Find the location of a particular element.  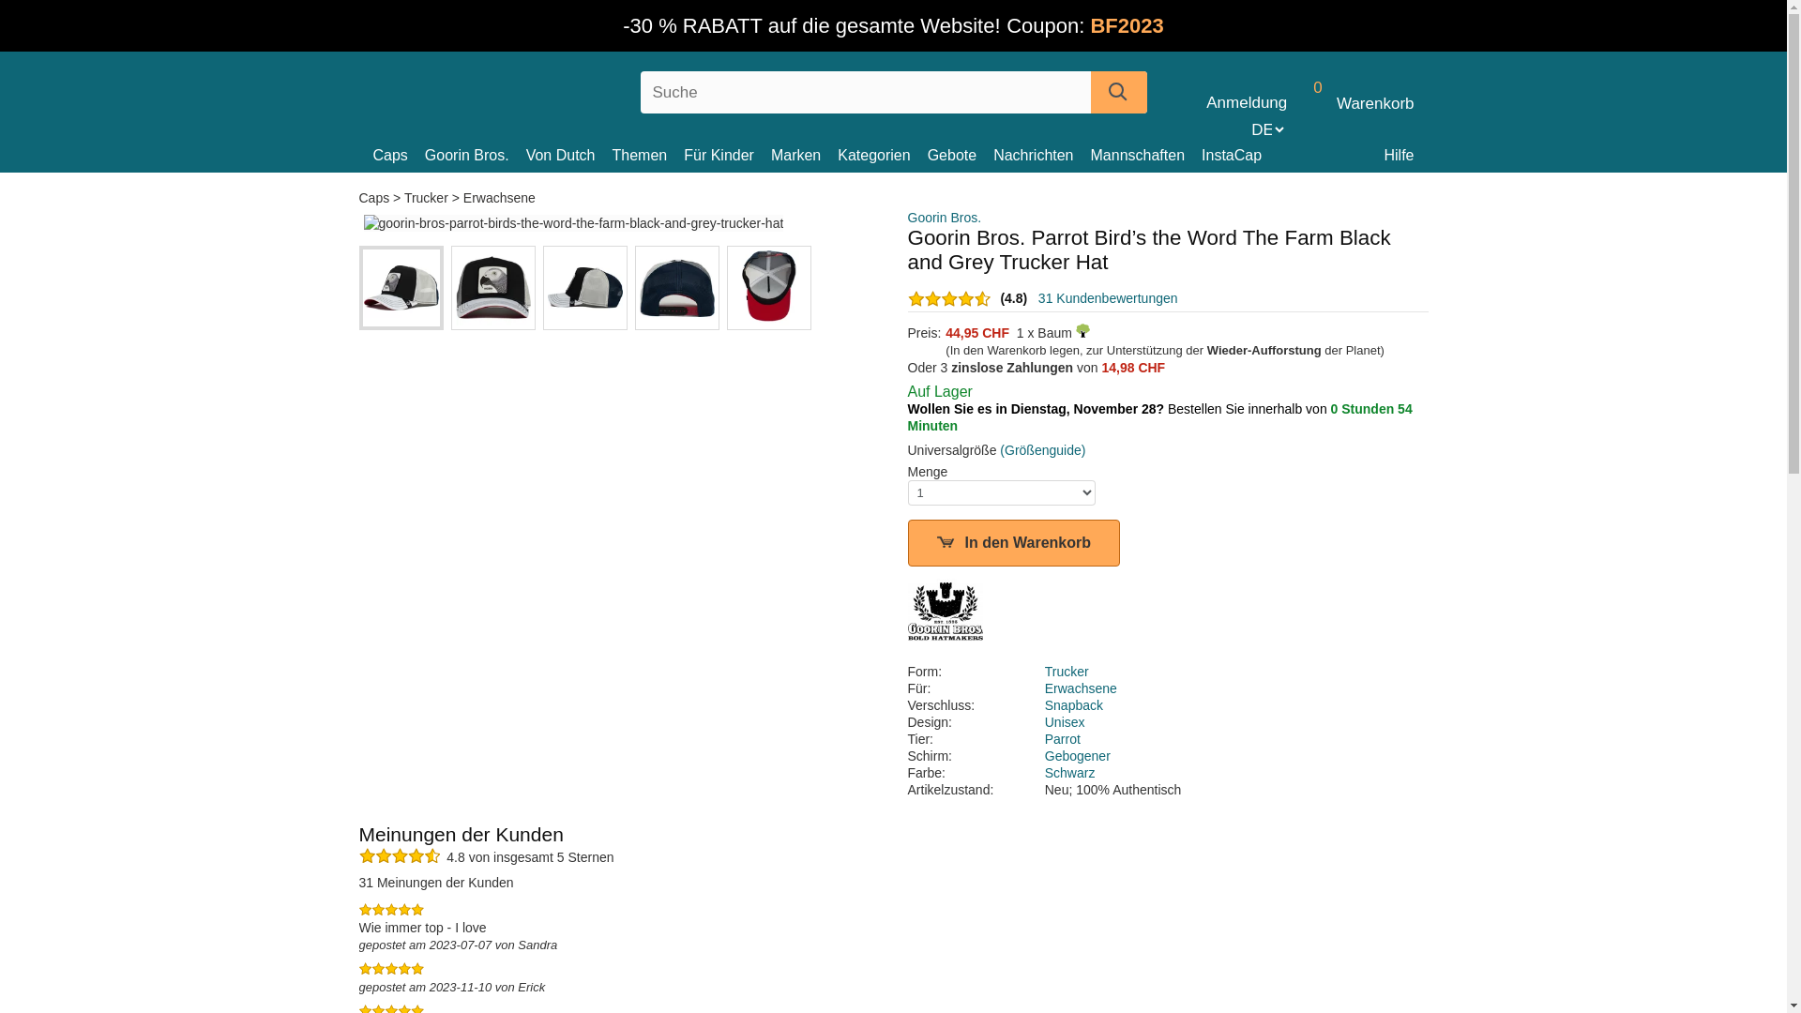

'Erwachsene' is located at coordinates (499, 198).